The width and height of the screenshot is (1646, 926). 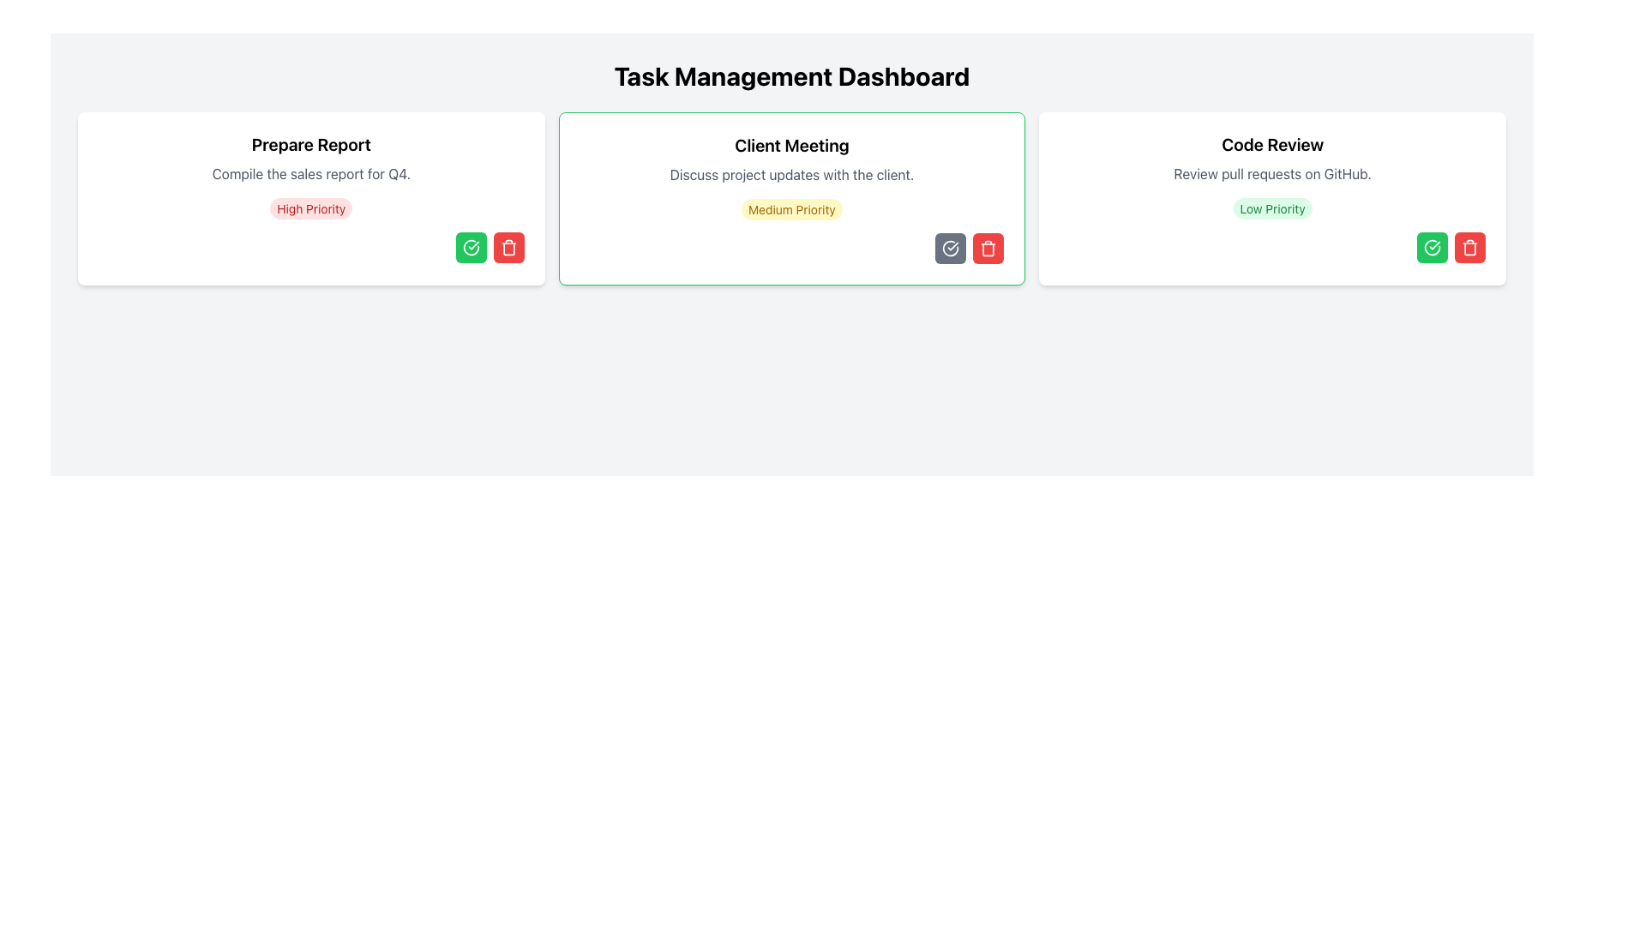 What do you see at coordinates (1469, 248) in the screenshot?
I see `the delete button located at the bottom right corner of the 'Code Review' task card` at bounding box center [1469, 248].